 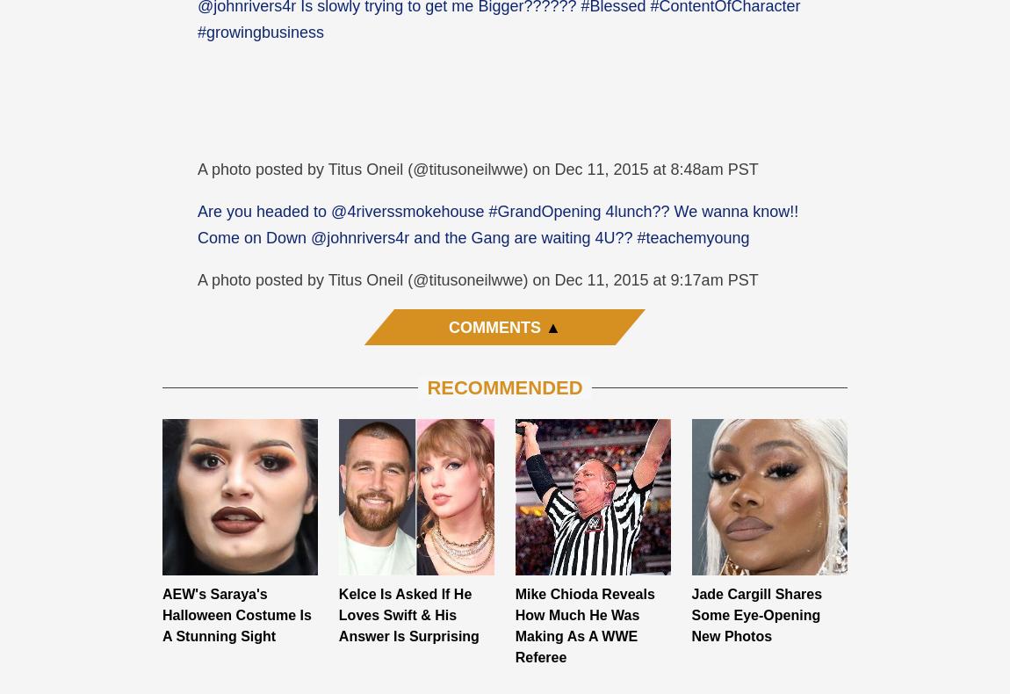 What do you see at coordinates (755, 613) in the screenshot?
I see `'Jade Cargill Shares Some Eye-Opening New Photos'` at bounding box center [755, 613].